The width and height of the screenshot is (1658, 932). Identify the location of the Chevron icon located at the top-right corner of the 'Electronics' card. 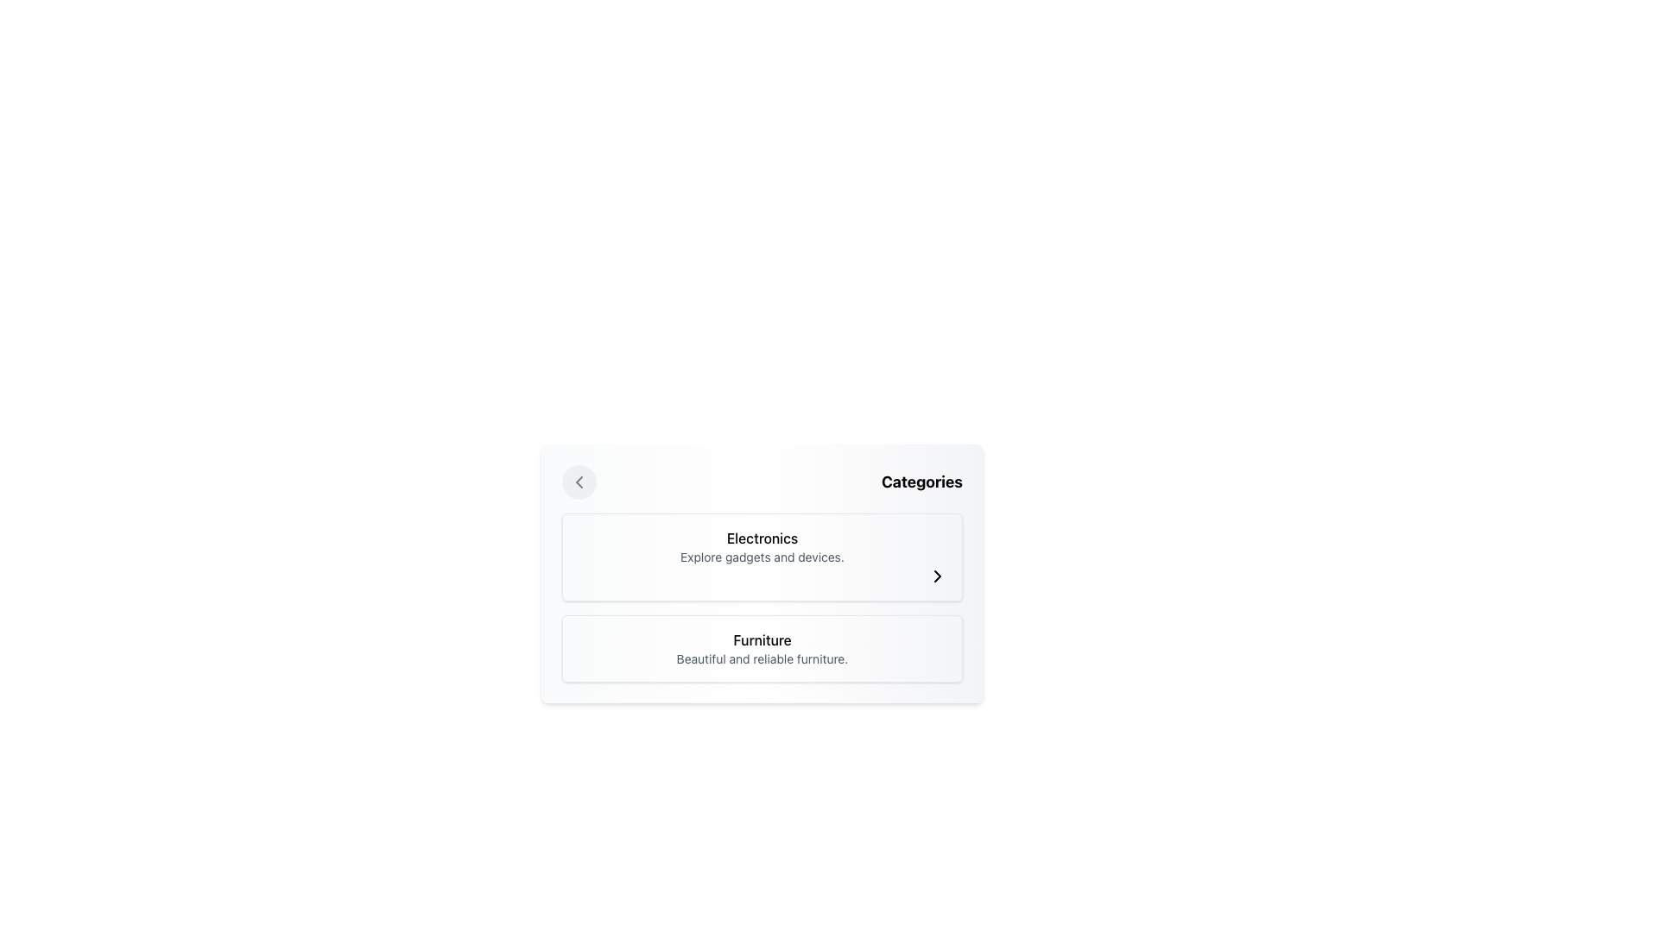
(936, 576).